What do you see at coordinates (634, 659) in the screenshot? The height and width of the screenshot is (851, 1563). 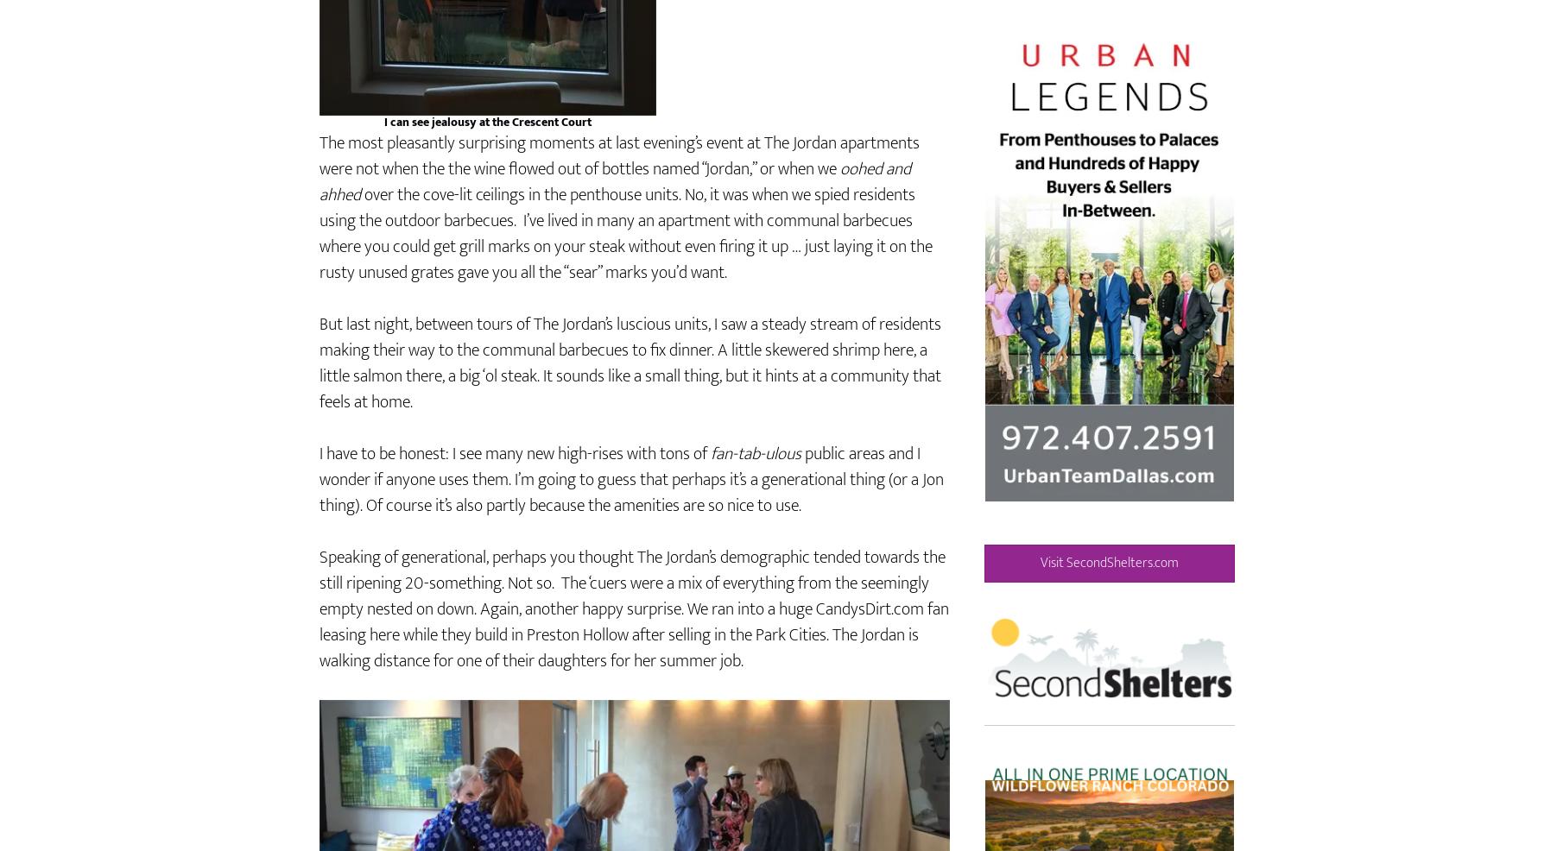 I see `'Speaking of generational, perhaps you thought The Jordan’s demographic tended towards the still ripening 20-something. Not so.  The ‘cuers were a mix of everything from the seemingly empty nested on down. Again, another happy surprise. We ran into a huge CandysDirt.com fan leasing here while they build in Preston Hollow after selling in the Park Cities. The Jordan is walking distance for one of their daughters for her summer job.'` at bounding box center [634, 659].